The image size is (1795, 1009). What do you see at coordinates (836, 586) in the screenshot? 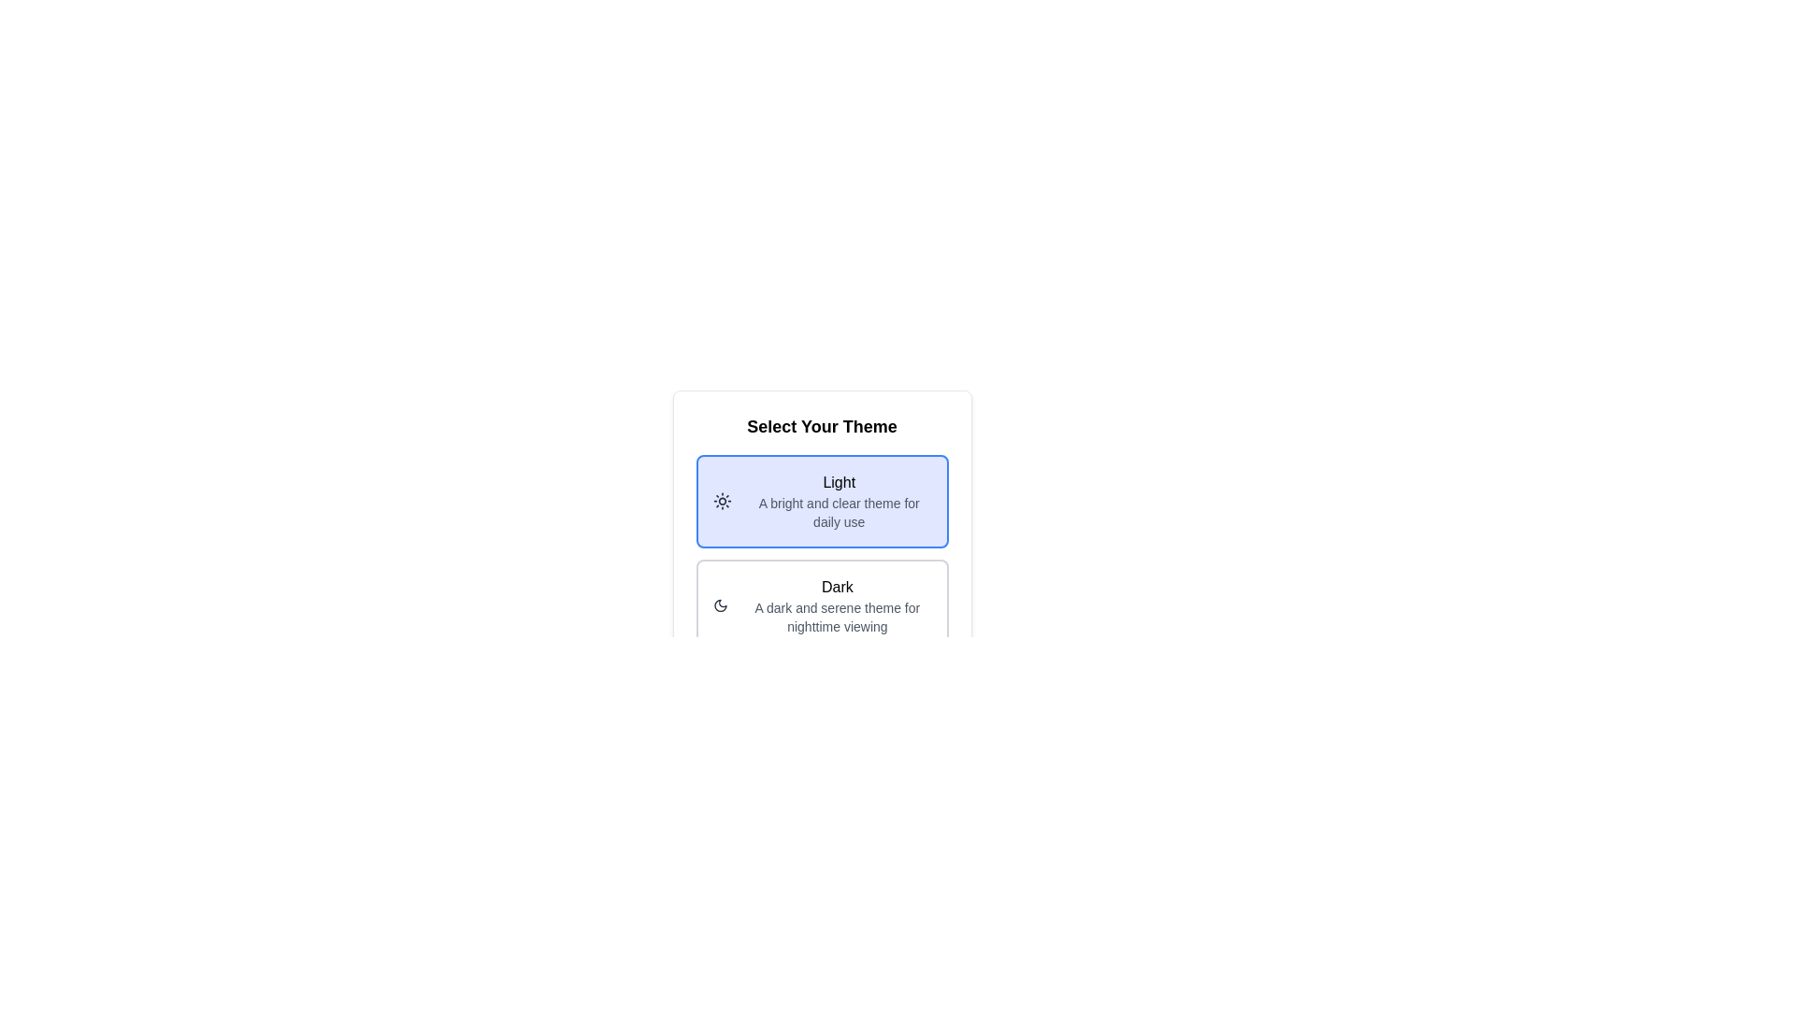
I see `the text label 'Dark' which is styled in bold and is located in the second card of the 'Select Your Theme' section` at bounding box center [836, 586].